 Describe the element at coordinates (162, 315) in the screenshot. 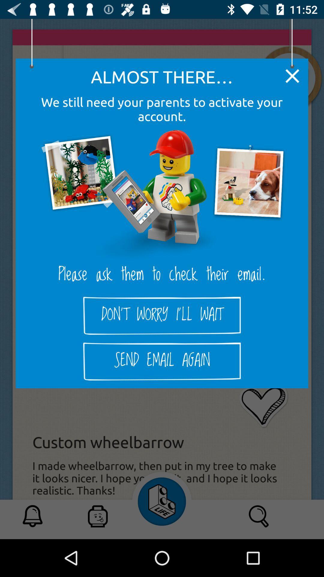

I see `don t worry` at that location.